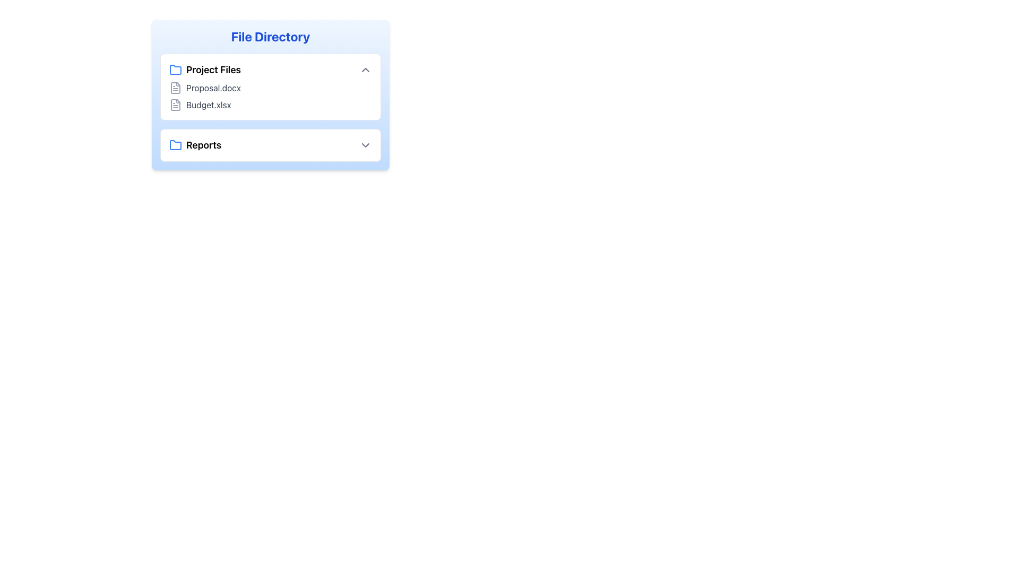 The image size is (1019, 573). Describe the element at coordinates (270, 70) in the screenshot. I see `the Collapsible Header for 'Project Files'` at that location.